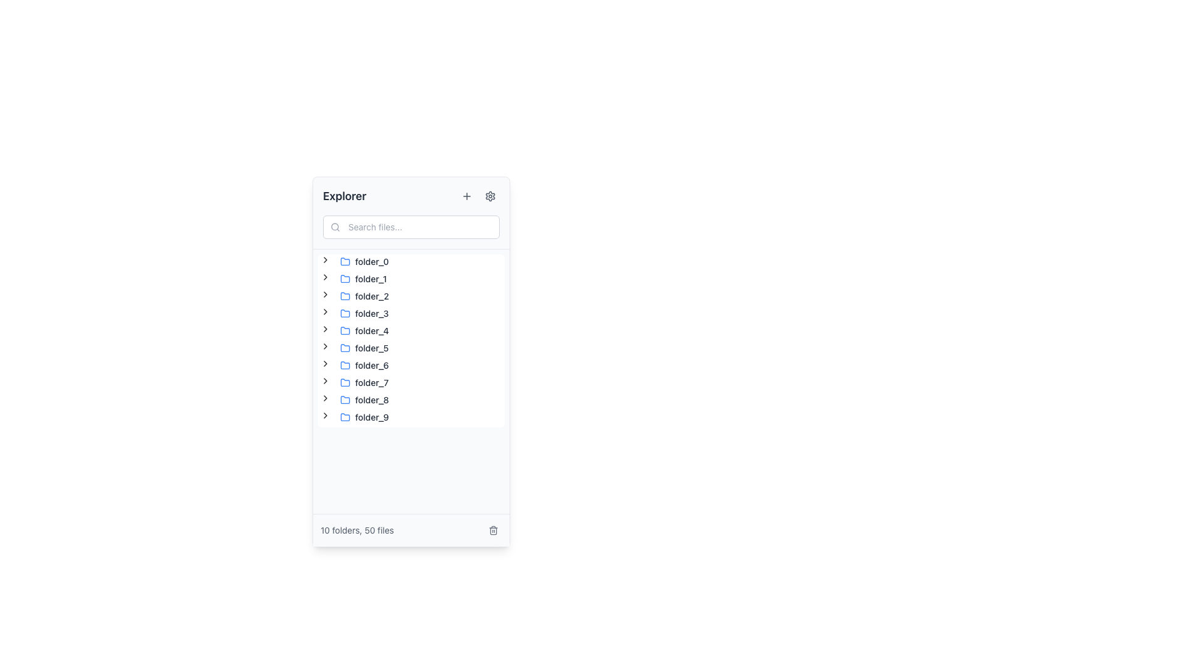  What do you see at coordinates (326, 295) in the screenshot?
I see `the small right-pointing chevron icon button located to the left of the text label 'folder_2'` at bounding box center [326, 295].